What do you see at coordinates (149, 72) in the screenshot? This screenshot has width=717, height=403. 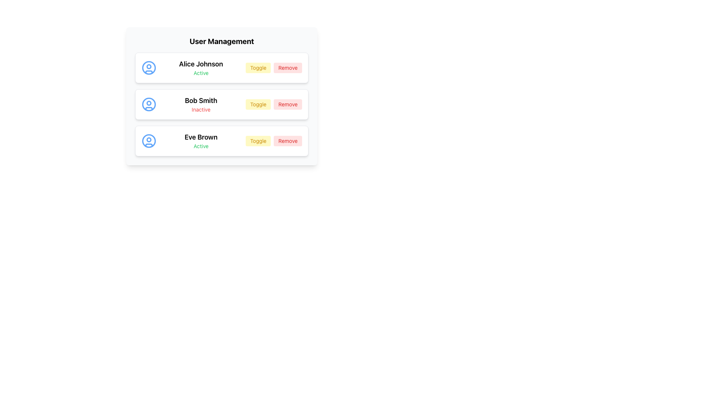 I see `the small curvilinear red shape resembling a smile located at the bottom of the user avatar in the first row of the user management list` at bounding box center [149, 72].